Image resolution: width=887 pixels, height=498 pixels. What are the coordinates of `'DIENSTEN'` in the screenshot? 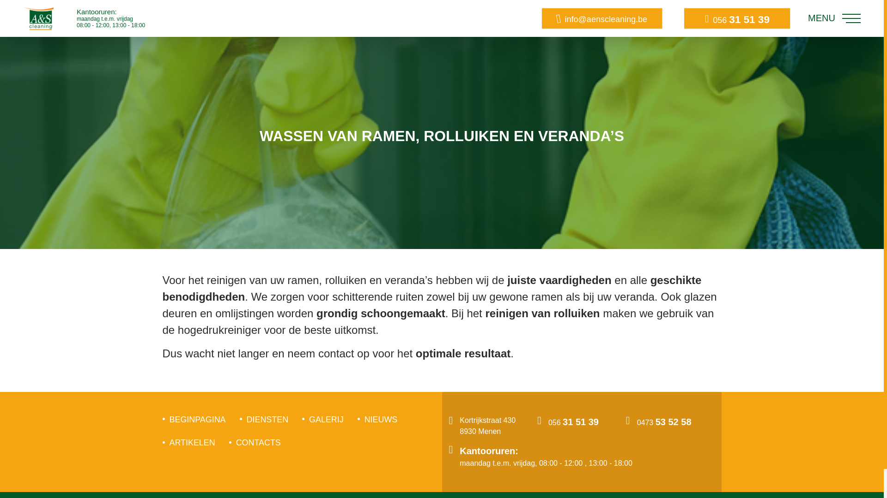 It's located at (246, 420).